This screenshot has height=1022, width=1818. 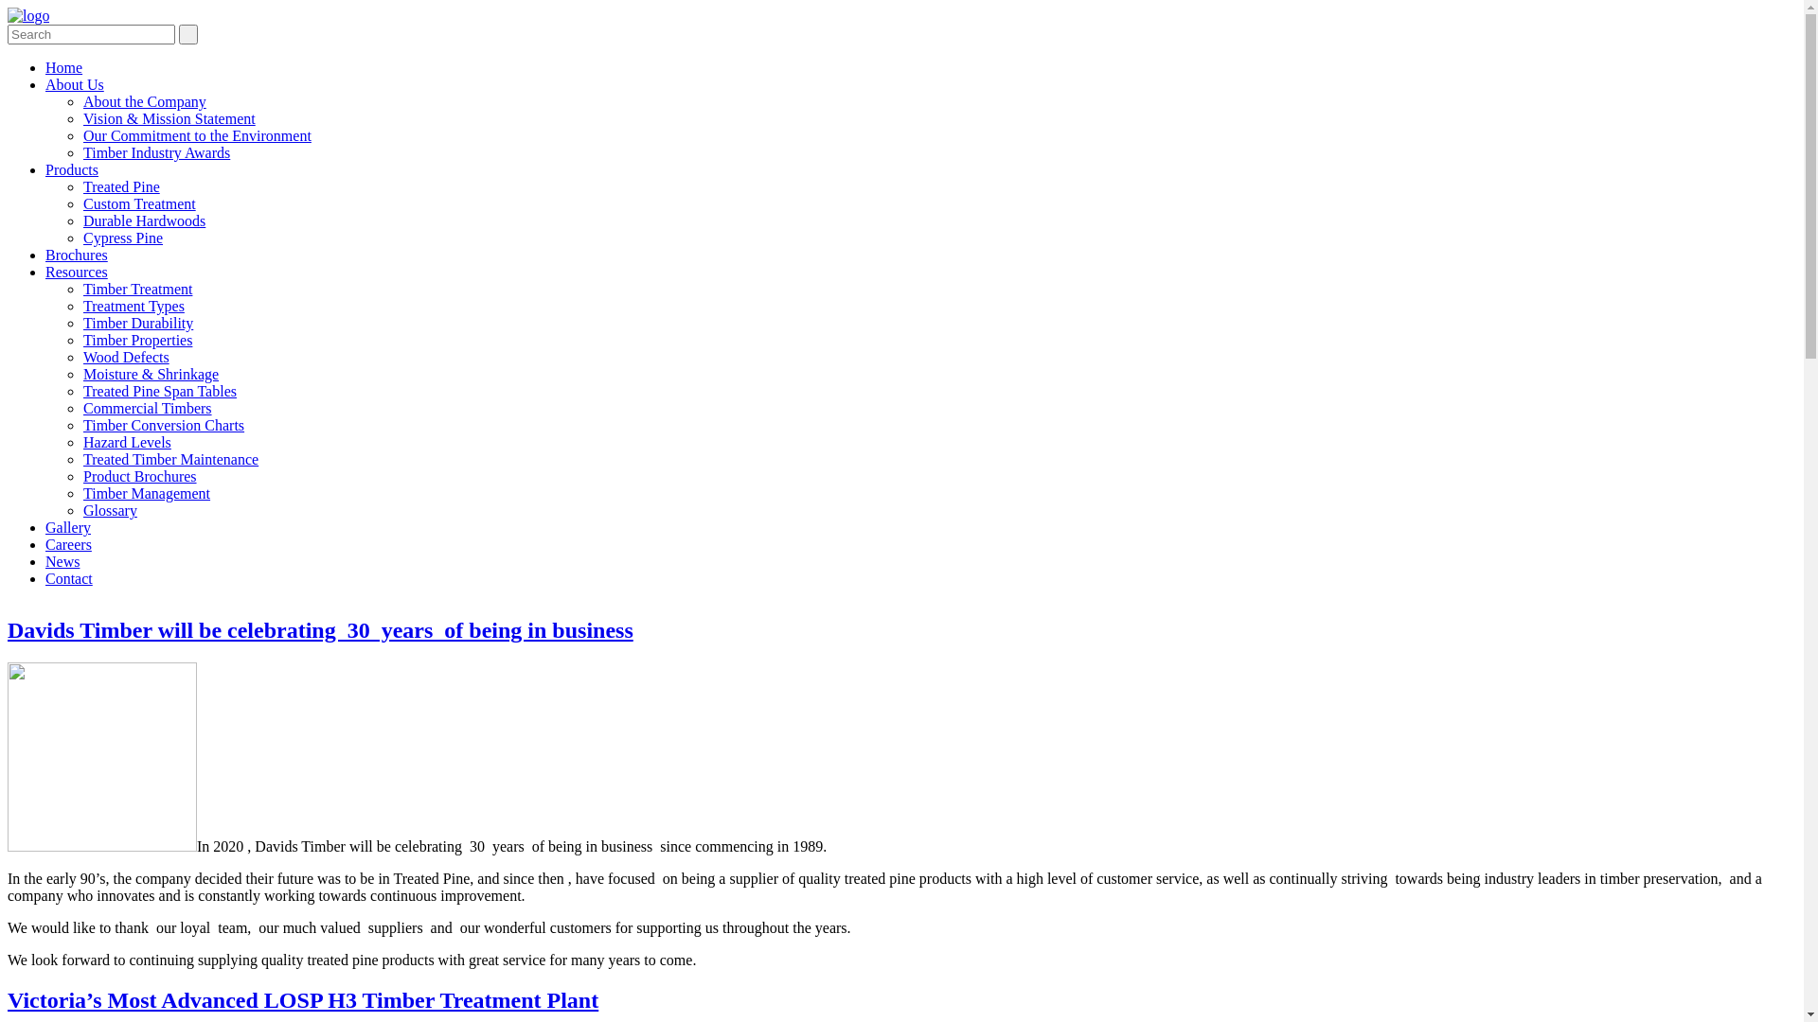 What do you see at coordinates (156, 151) in the screenshot?
I see `'Timber Industry Awards'` at bounding box center [156, 151].